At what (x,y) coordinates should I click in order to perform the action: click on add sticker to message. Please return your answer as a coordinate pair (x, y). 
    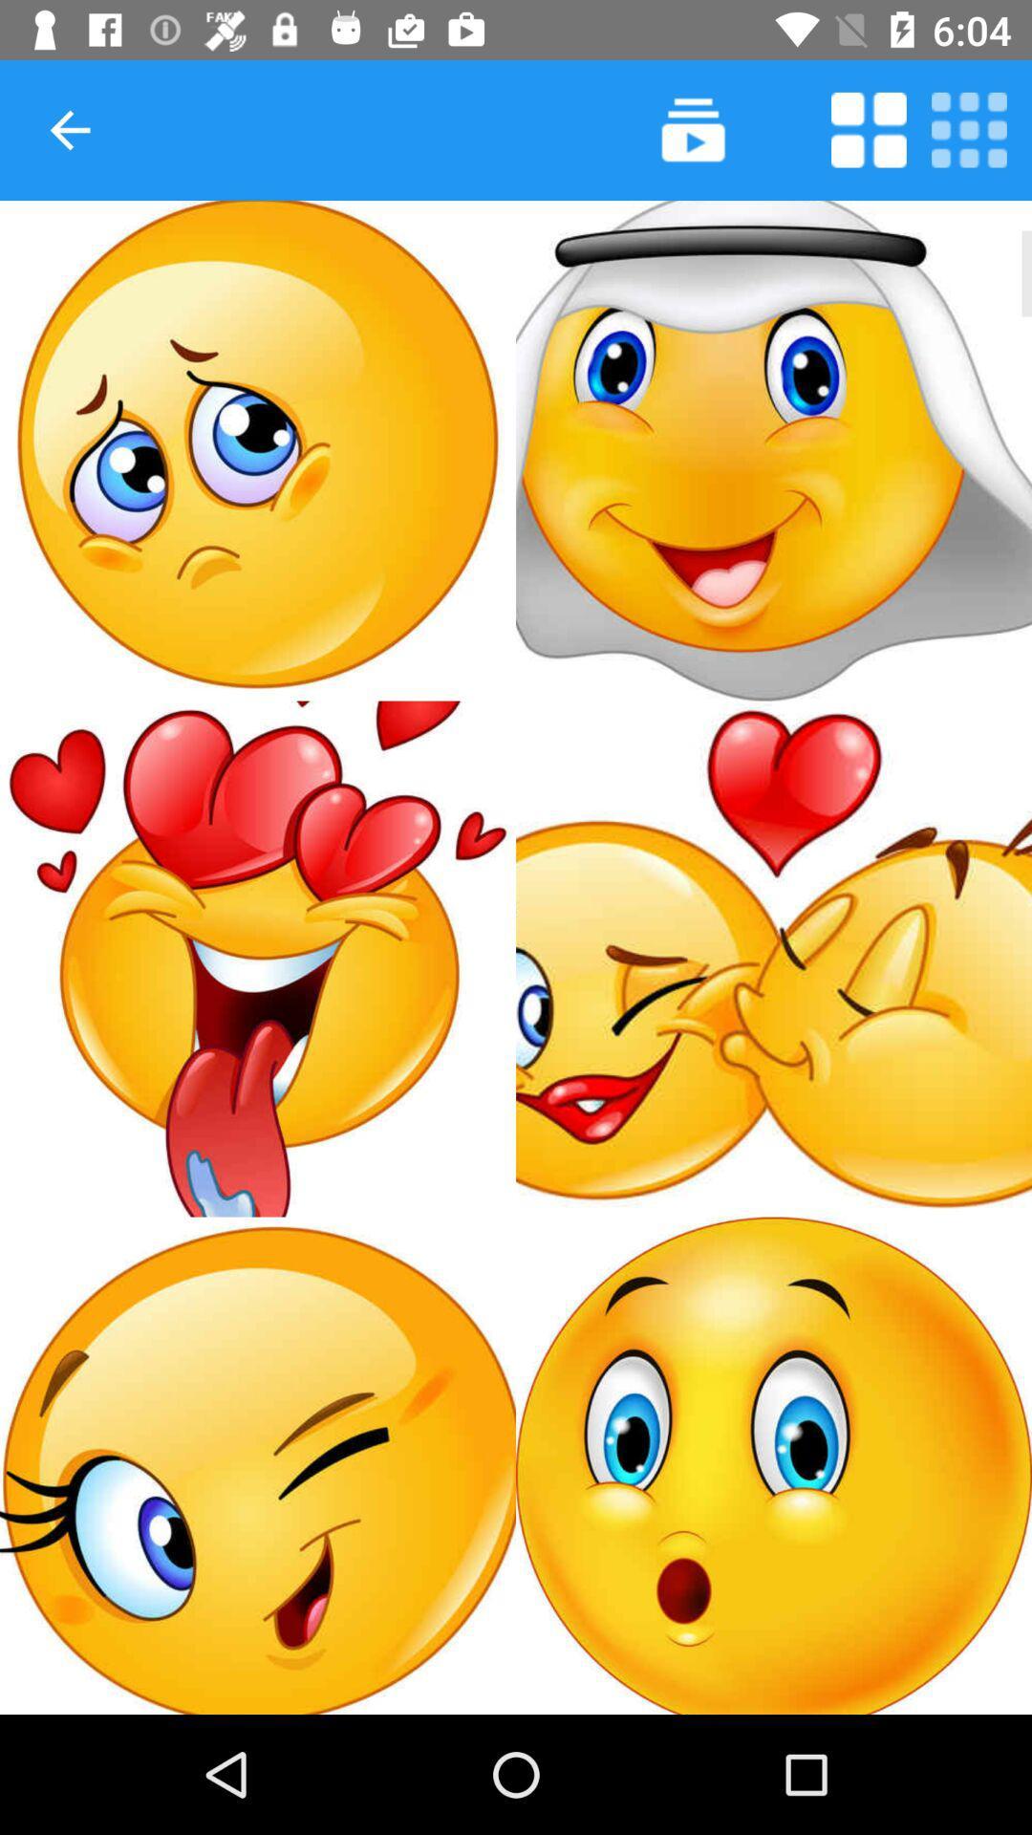
    Looking at the image, I should click on (258, 1464).